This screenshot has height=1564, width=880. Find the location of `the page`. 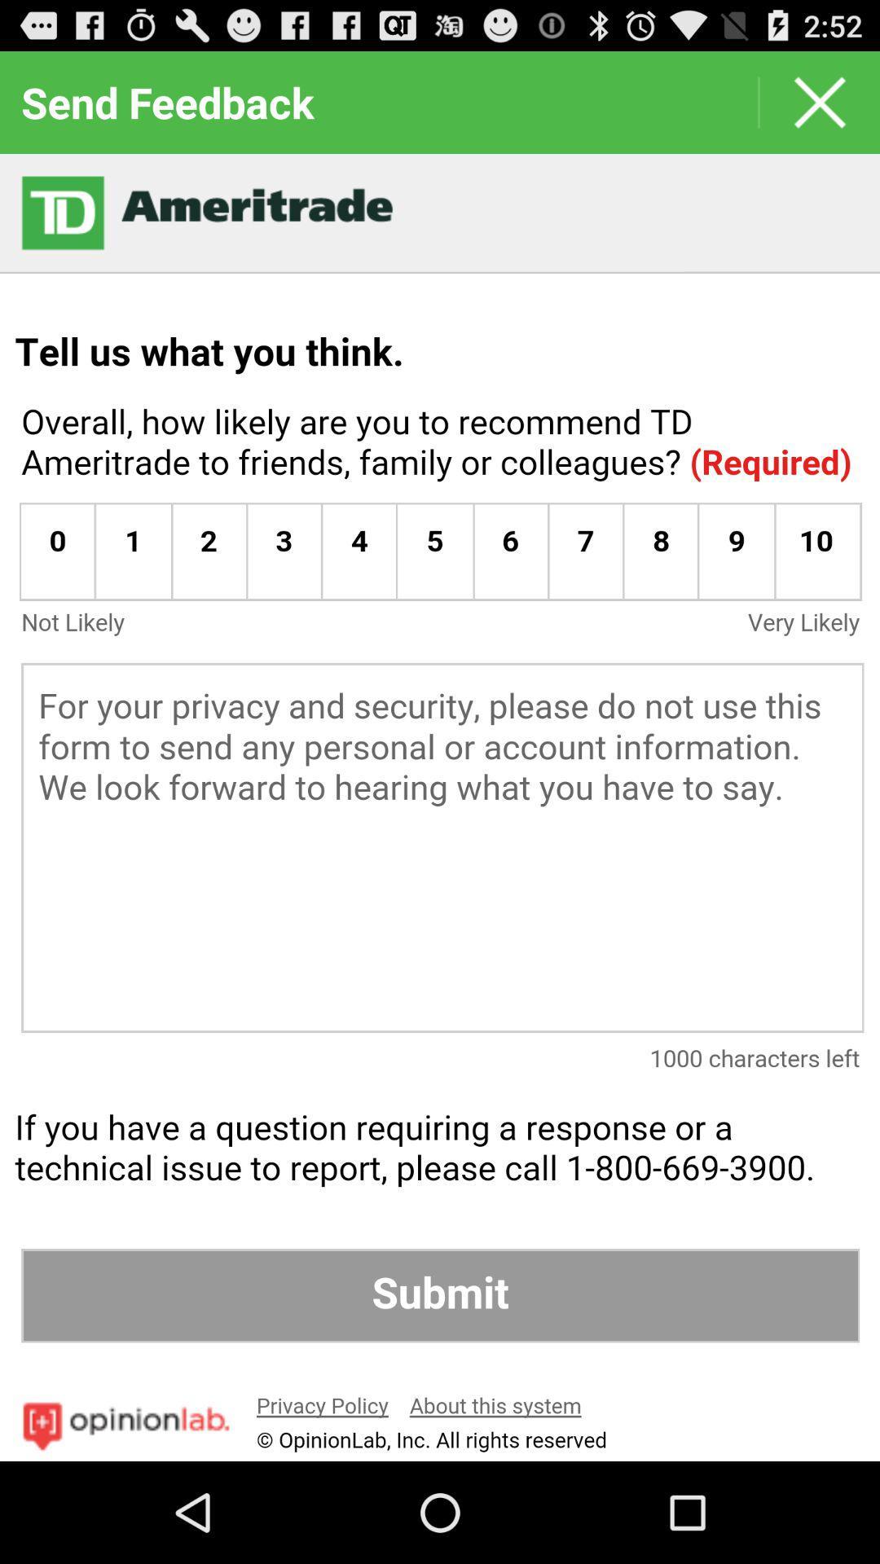

the page is located at coordinates (820, 101).